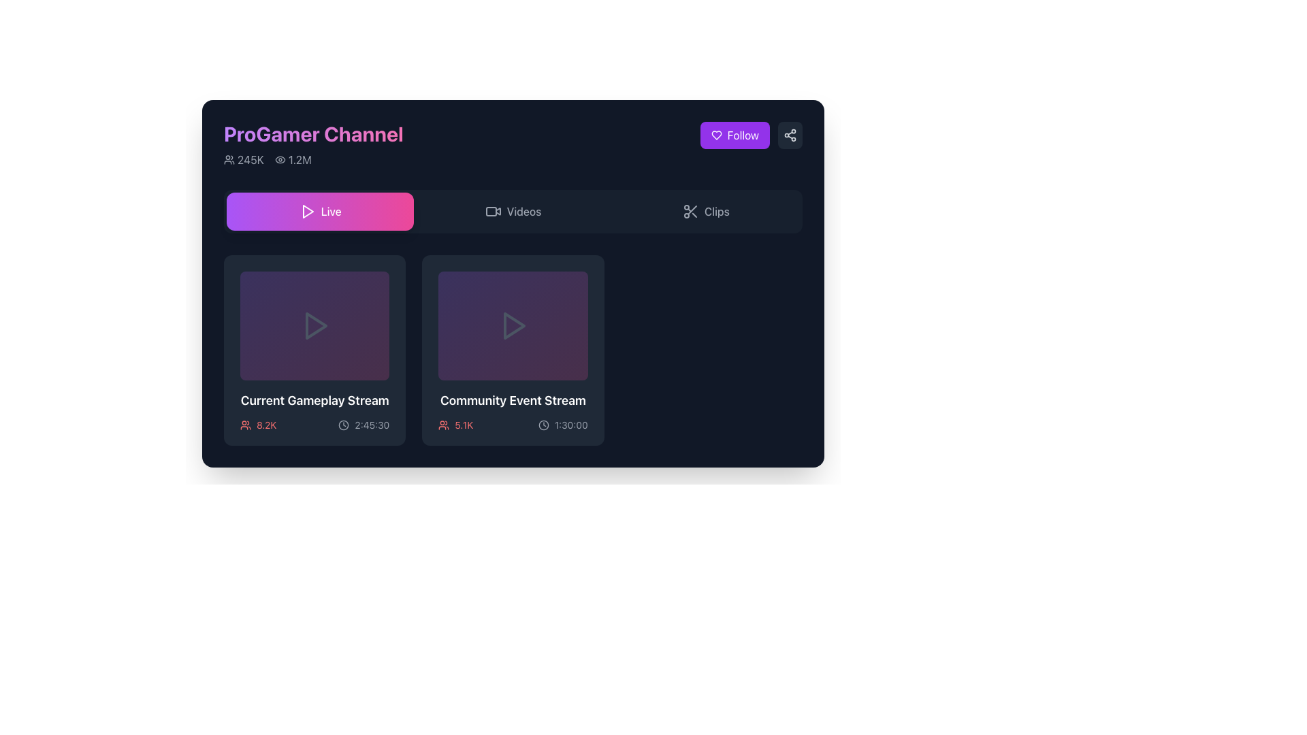 The image size is (1307, 735). What do you see at coordinates (790, 135) in the screenshot?
I see `the rightmost button in the horizontal group of action buttons located at the top right corner of the dark content panel` at bounding box center [790, 135].